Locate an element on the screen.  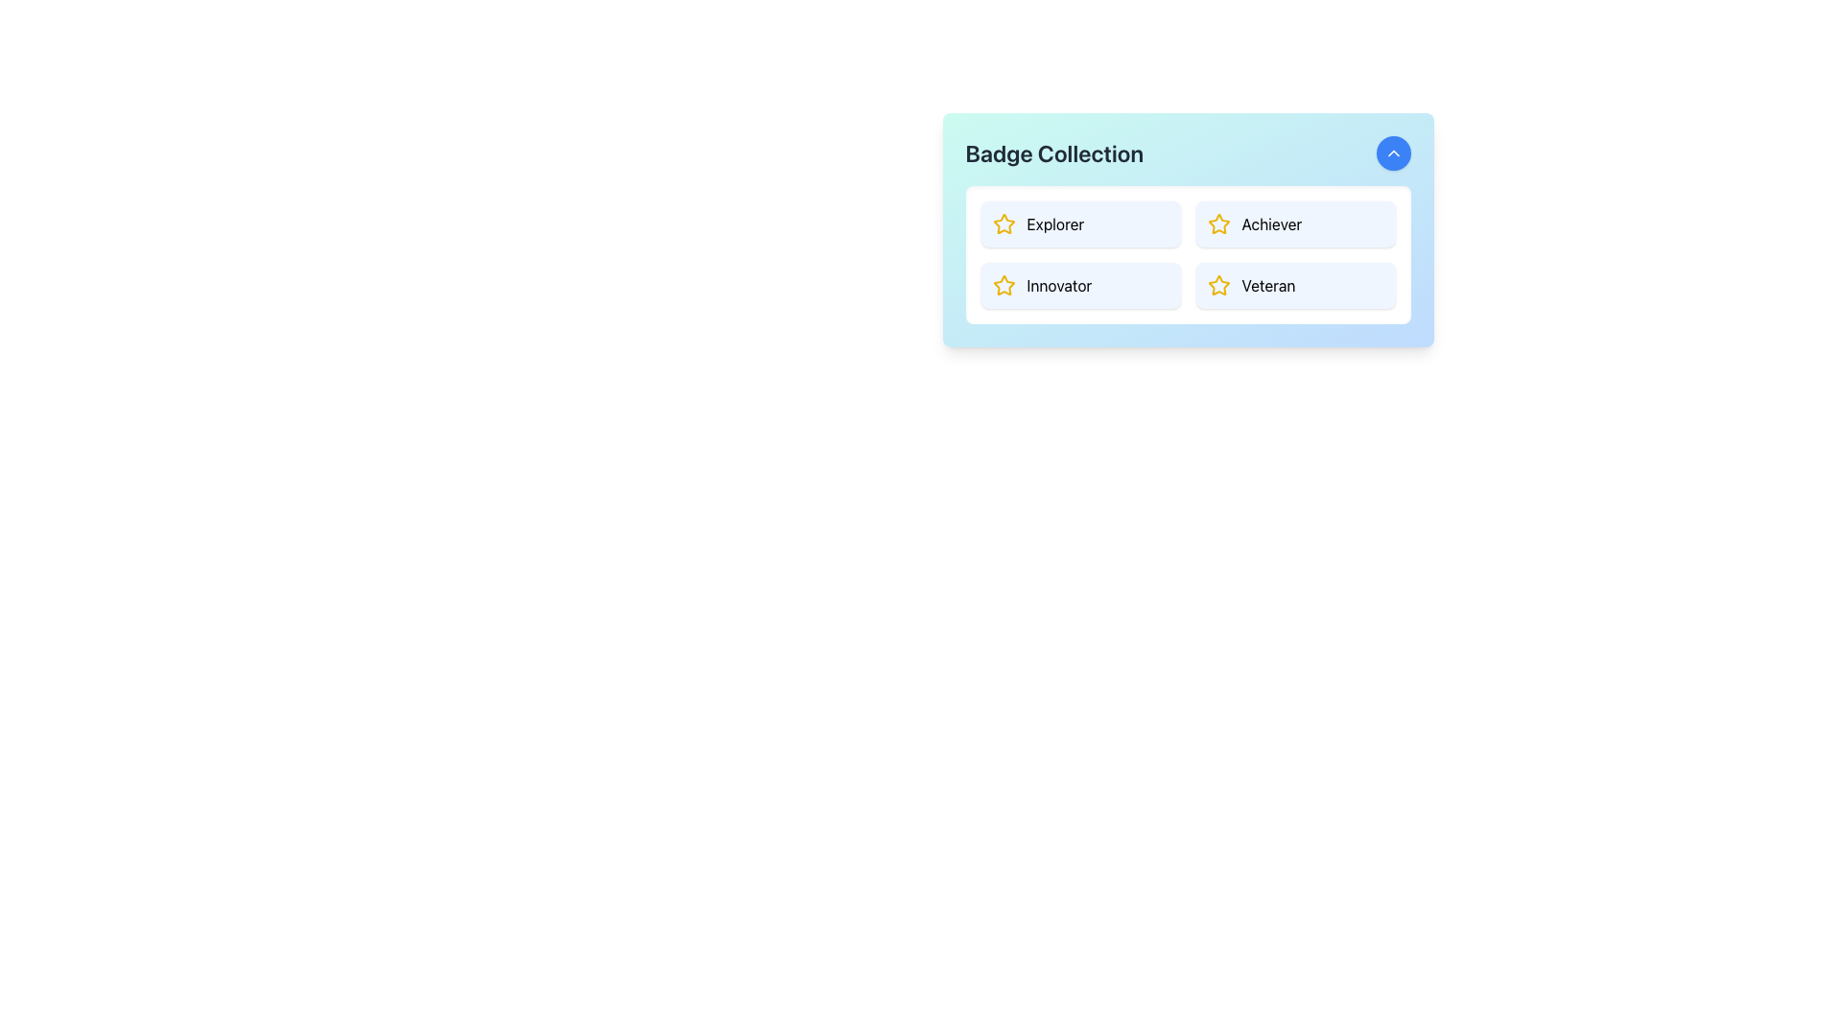
the 'Veteran' text label, which is displayed in bold font within a light blue badge and is positioned in the bottom right corner of the 'Badge Collection' interface is located at coordinates (1268, 285).